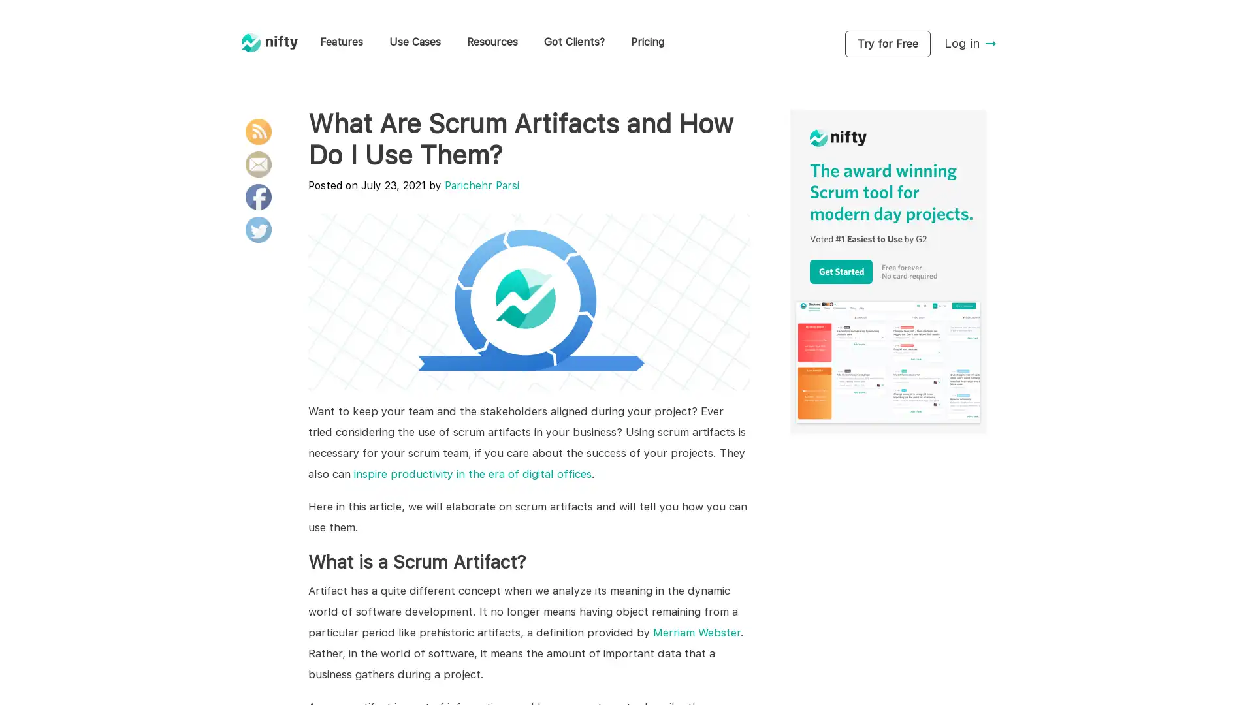 The height and width of the screenshot is (705, 1254). Describe the element at coordinates (1221, 672) in the screenshot. I see `Open Intercom Messenger` at that location.